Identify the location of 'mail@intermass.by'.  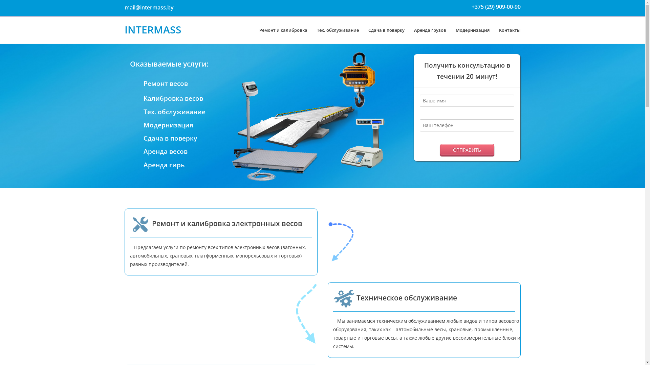
(149, 7).